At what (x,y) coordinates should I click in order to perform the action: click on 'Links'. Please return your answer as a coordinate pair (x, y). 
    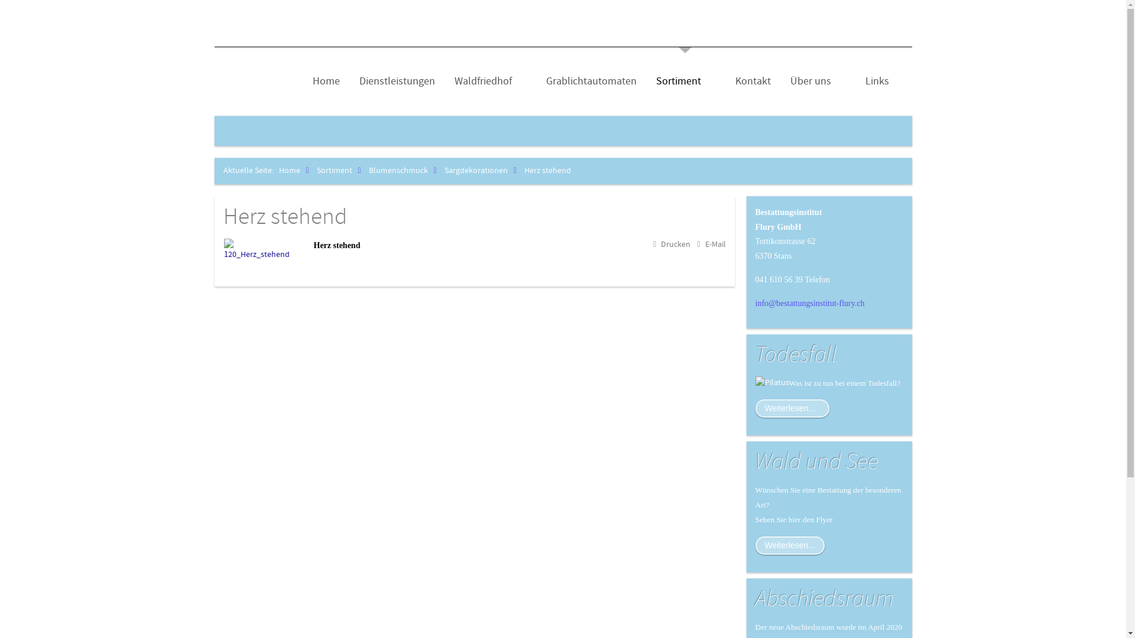
    Looking at the image, I should click on (877, 81).